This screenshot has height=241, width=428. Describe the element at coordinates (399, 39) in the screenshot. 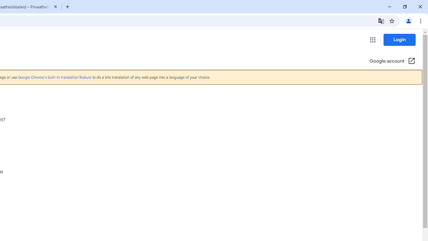

I see `'Login'` at that location.